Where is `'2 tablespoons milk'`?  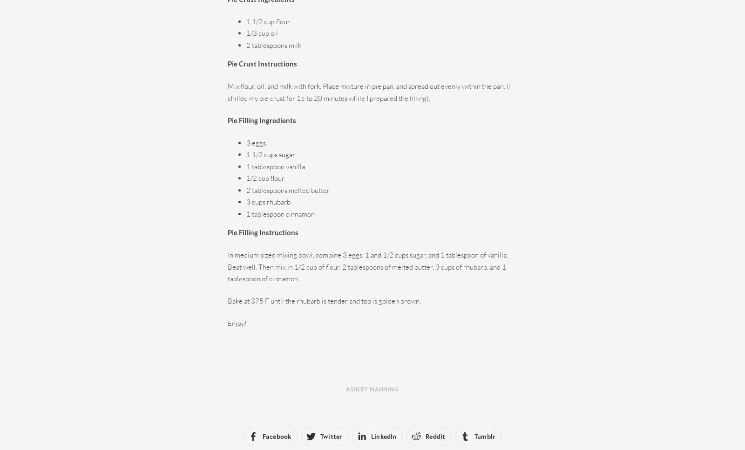 '2 tablespoons milk' is located at coordinates (273, 45).